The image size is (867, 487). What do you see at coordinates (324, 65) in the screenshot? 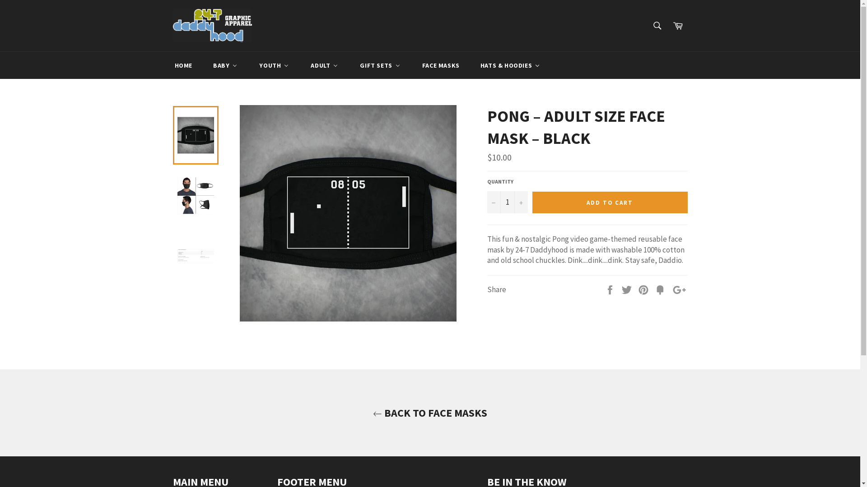
I see `'ADULT'` at bounding box center [324, 65].